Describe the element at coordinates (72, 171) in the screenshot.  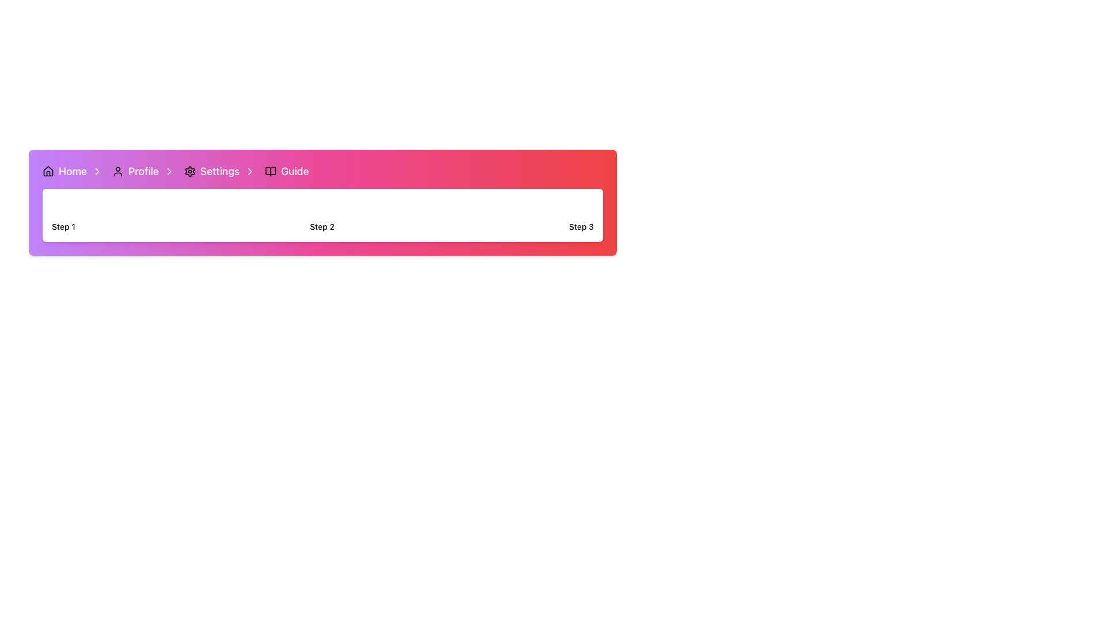
I see `the Navigation Link element, which consists of a house-like icon and the text 'Home'` at that location.